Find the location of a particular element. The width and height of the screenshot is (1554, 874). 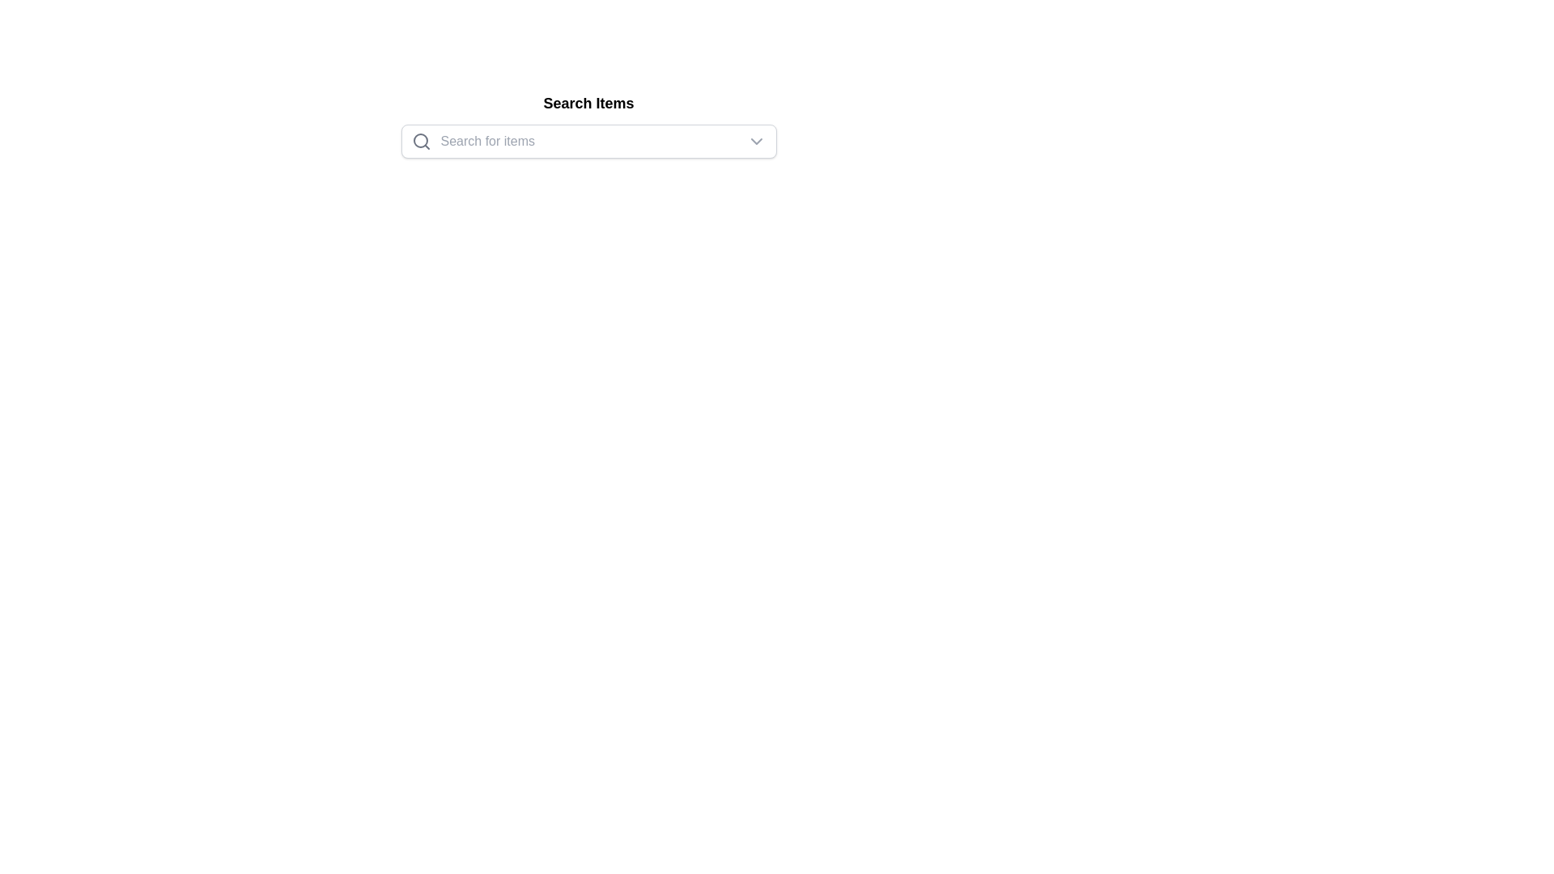

the chevron icon at the right end of the search bar is located at coordinates (755, 140).